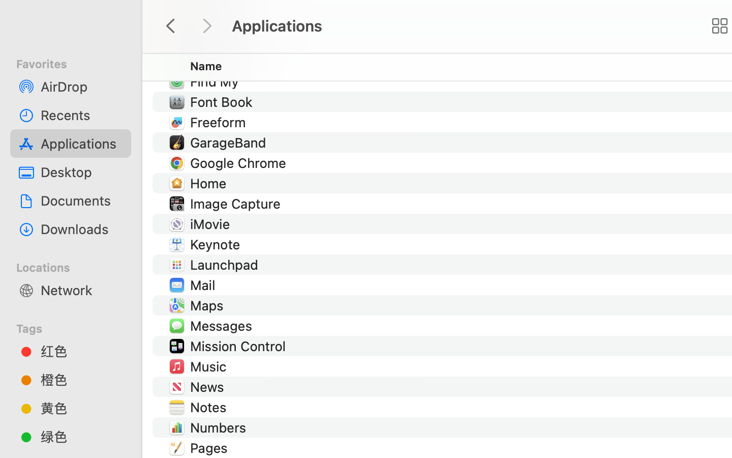 Image resolution: width=732 pixels, height=458 pixels. Describe the element at coordinates (216, 81) in the screenshot. I see `'Find My'` at that location.